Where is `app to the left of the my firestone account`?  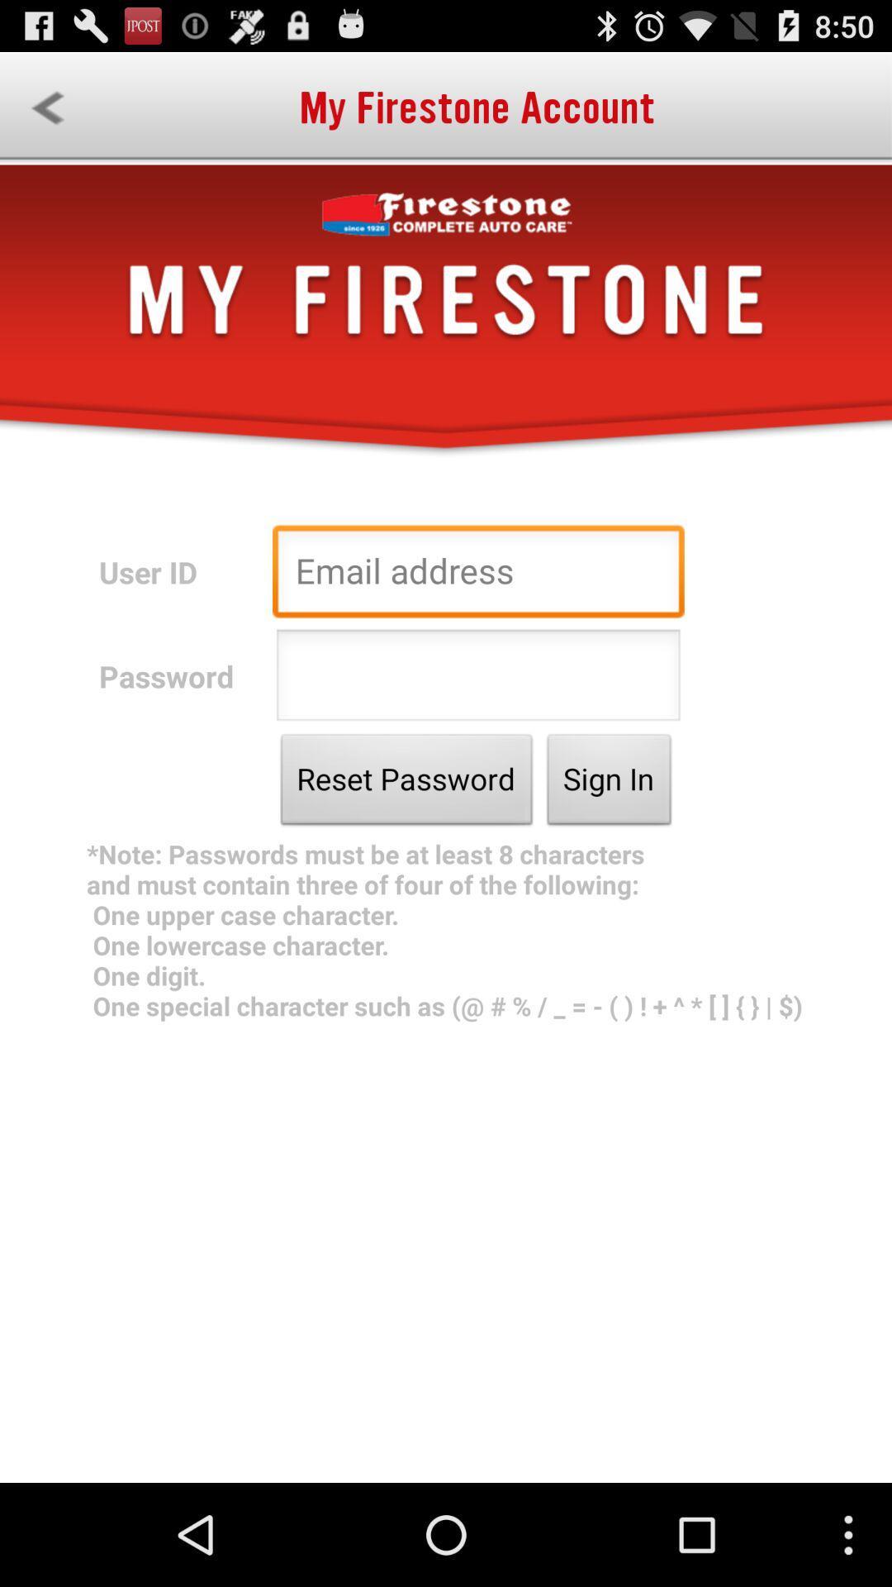
app to the left of the my firestone account is located at coordinates (46, 107).